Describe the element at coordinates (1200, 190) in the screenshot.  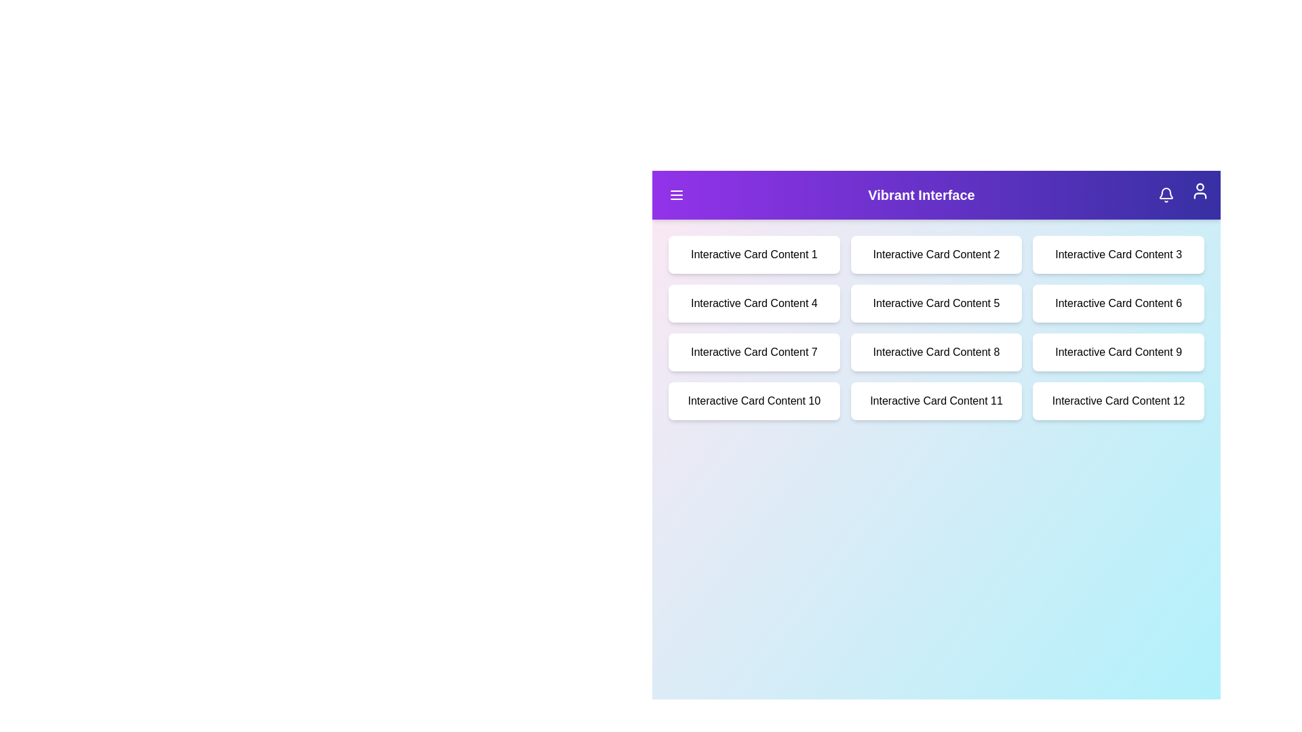
I see `the user profile icon in the top-right corner` at that location.